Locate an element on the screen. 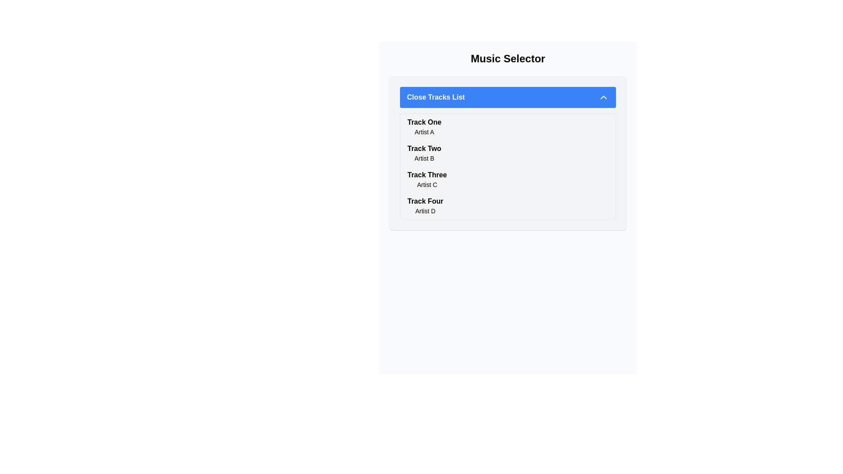 The image size is (843, 474). the chevron-shaped icon button located at the far right end of the header titled 'Close Tracks List' is located at coordinates (603, 97).